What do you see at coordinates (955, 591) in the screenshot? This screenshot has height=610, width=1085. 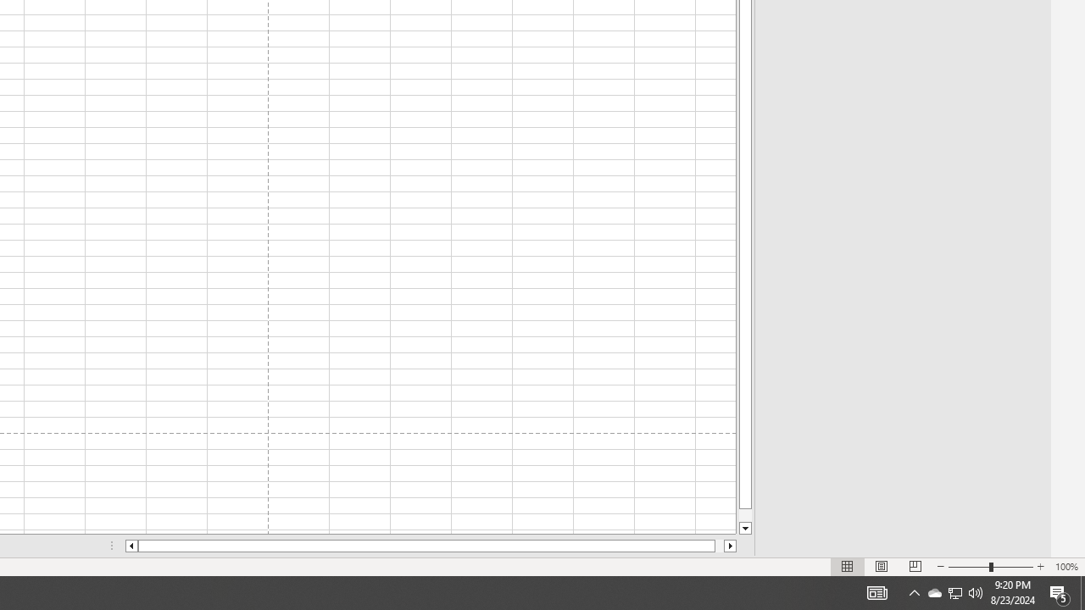 I see `'Zoom Out'` at bounding box center [955, 591].